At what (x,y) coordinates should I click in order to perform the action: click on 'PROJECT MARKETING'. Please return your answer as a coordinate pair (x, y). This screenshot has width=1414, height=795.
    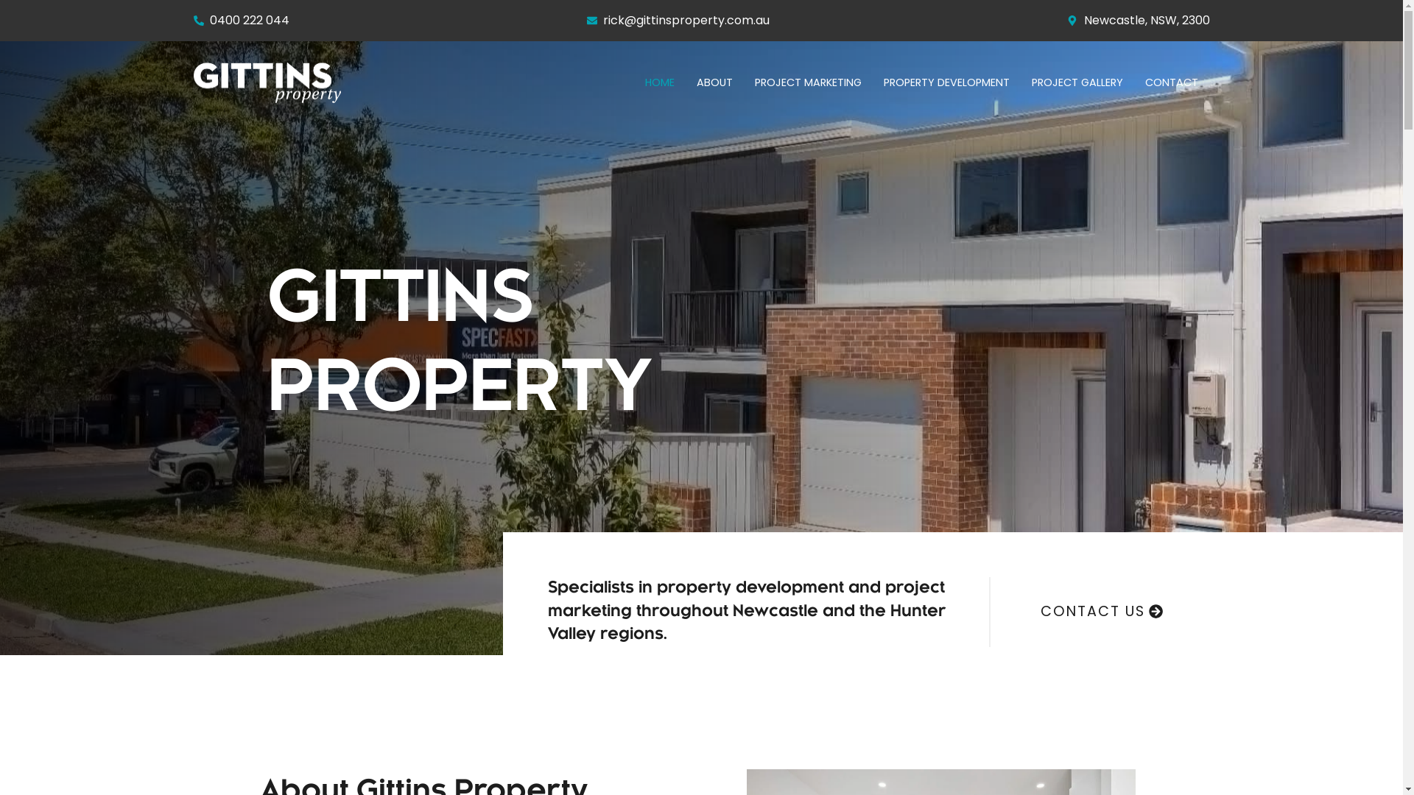
    Looking at the image, I should click on (807, 82).